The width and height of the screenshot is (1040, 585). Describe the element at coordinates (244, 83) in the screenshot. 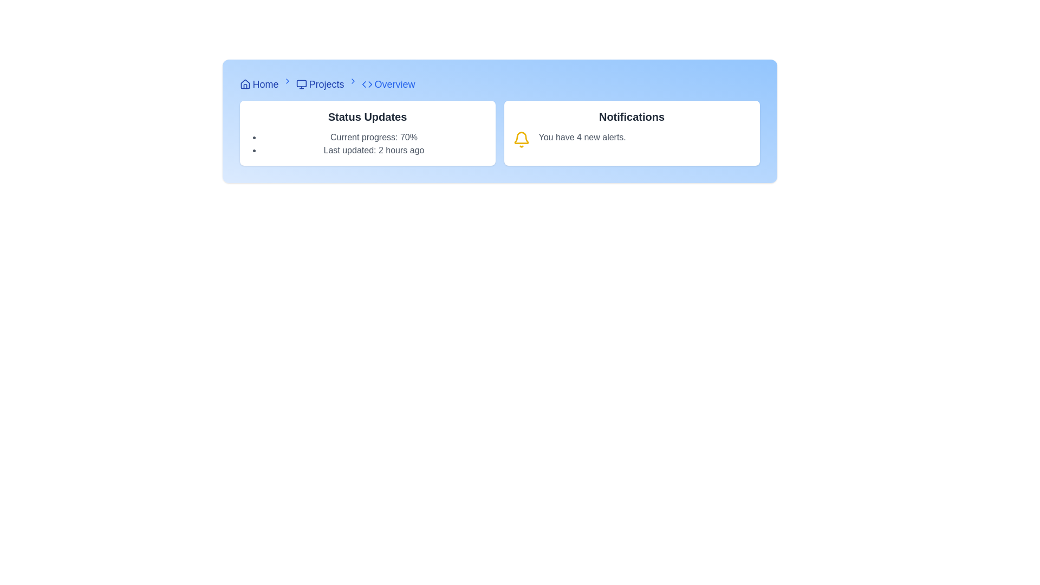

I see `the house-shaped icon in the breadcrumb navigation bar for keyboard navigation` at that location.